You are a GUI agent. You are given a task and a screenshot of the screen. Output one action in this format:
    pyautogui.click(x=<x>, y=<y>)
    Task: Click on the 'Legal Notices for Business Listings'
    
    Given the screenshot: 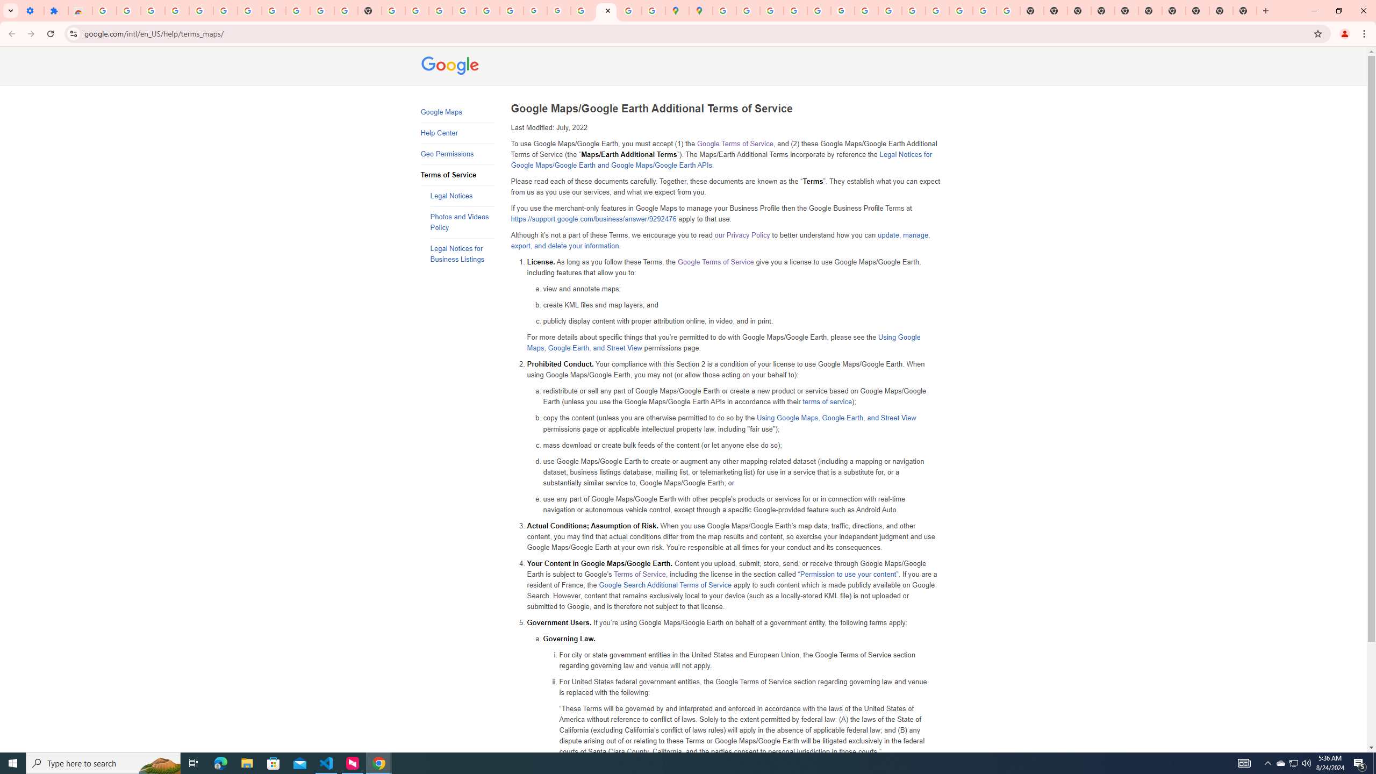 What is the action you would take?
    pyautogui.click(x=462, y=254)
    